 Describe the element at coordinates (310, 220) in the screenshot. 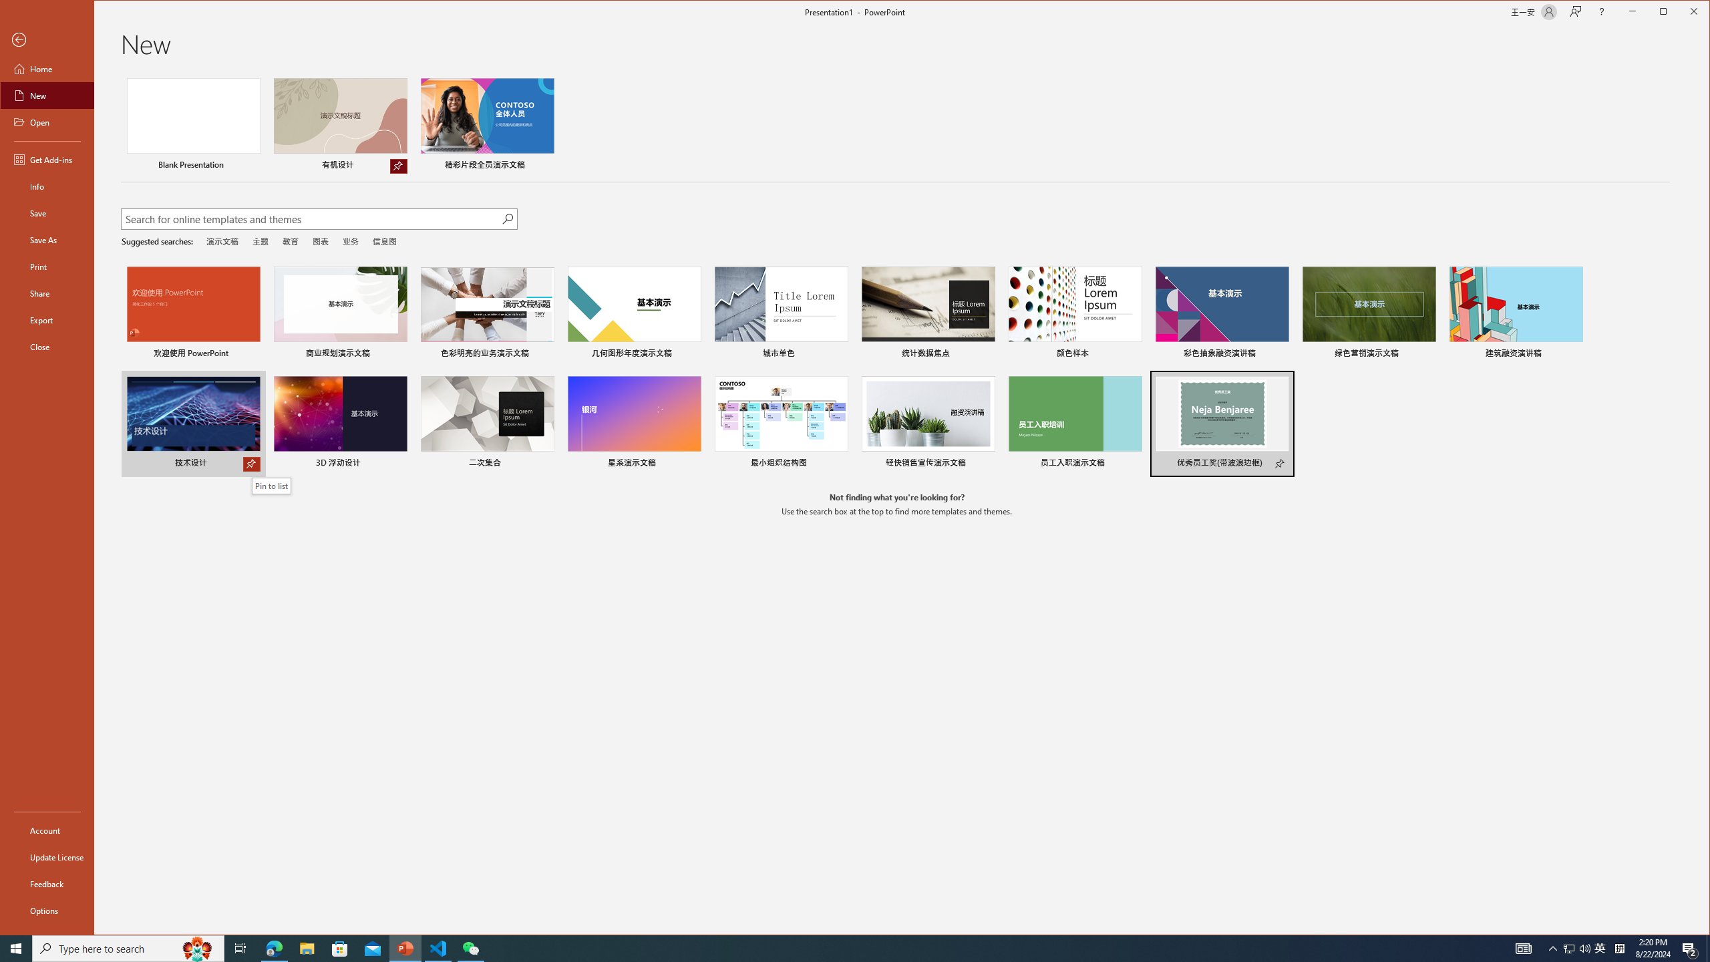

I see `'Search for online templates and themes'` at that location.